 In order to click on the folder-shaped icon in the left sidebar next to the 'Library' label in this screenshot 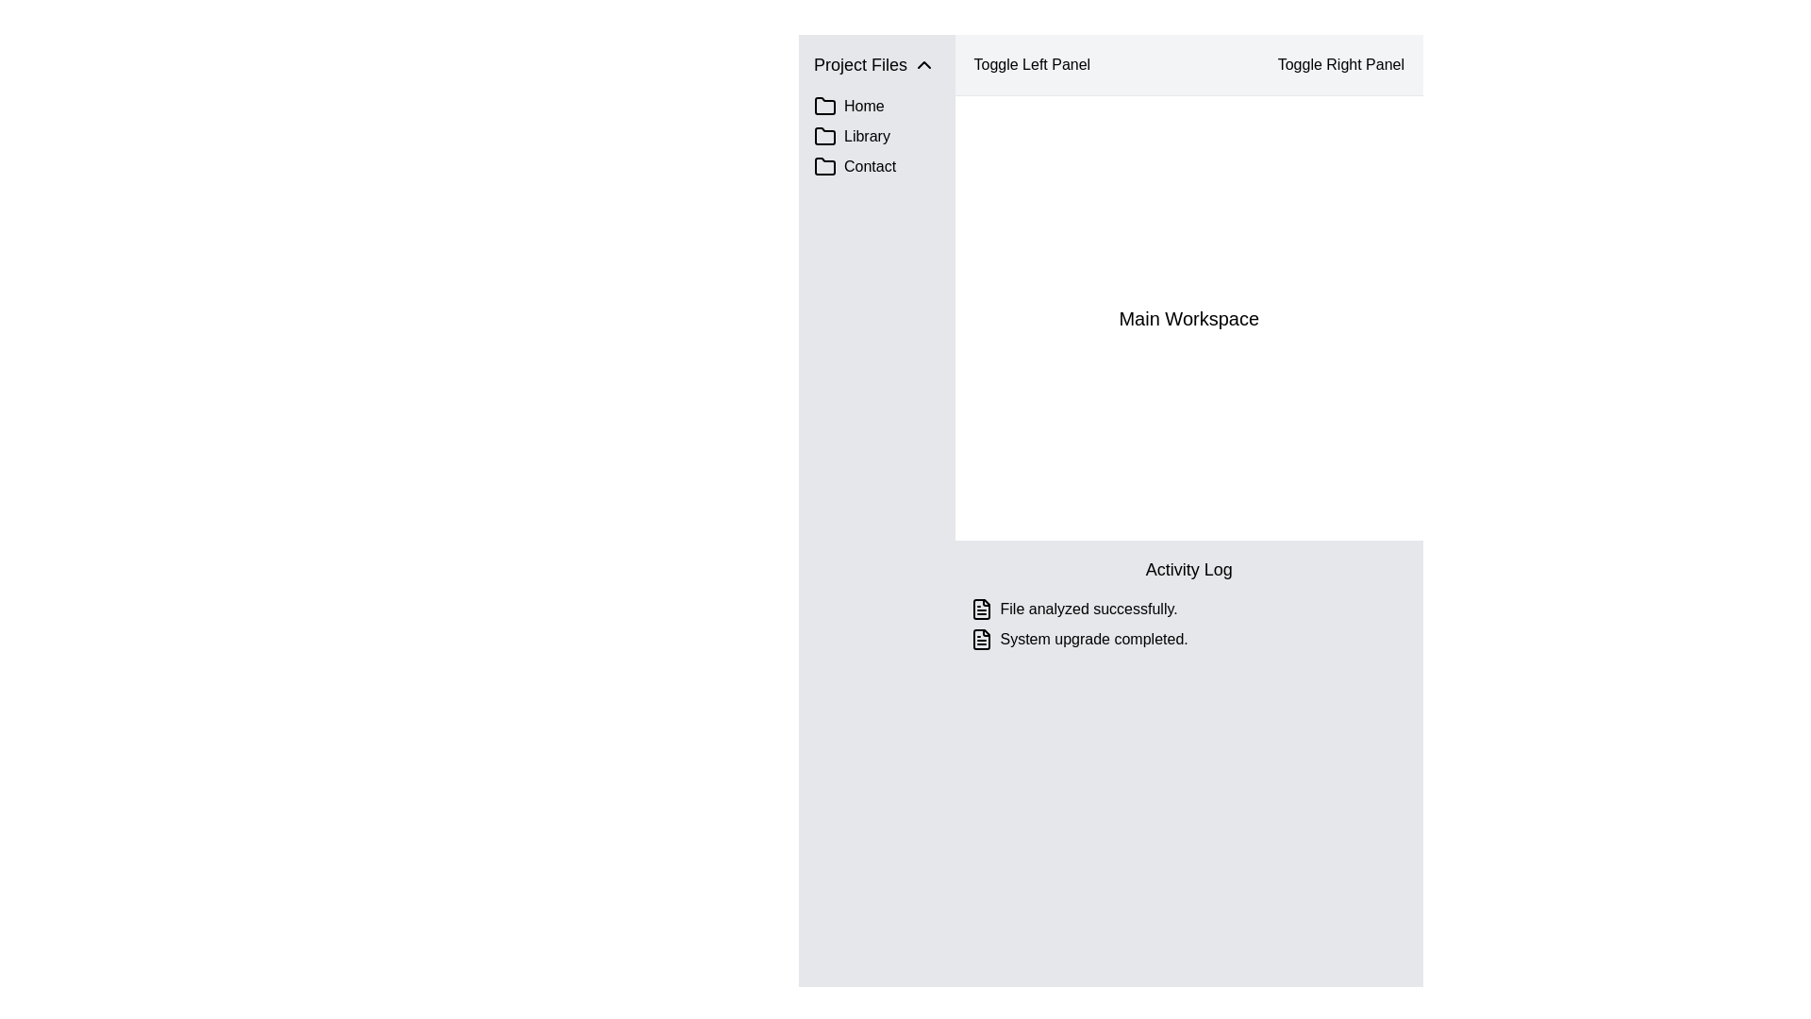, I will do `click(824, 135)`.